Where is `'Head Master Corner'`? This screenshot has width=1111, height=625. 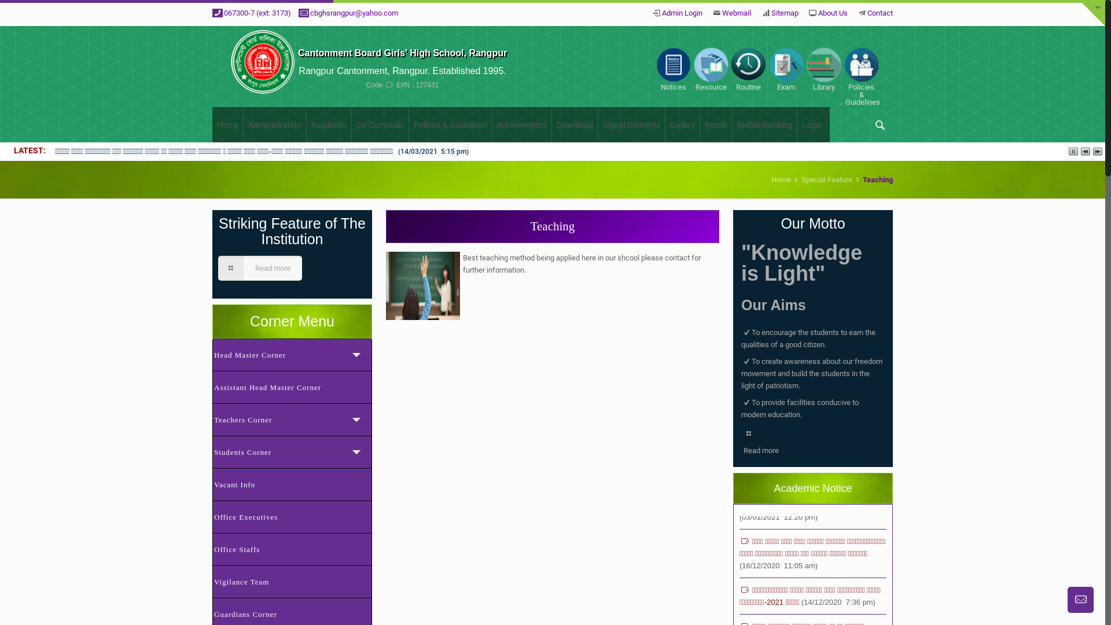
'Head Master Corner' is located at coordinates (212, 354).